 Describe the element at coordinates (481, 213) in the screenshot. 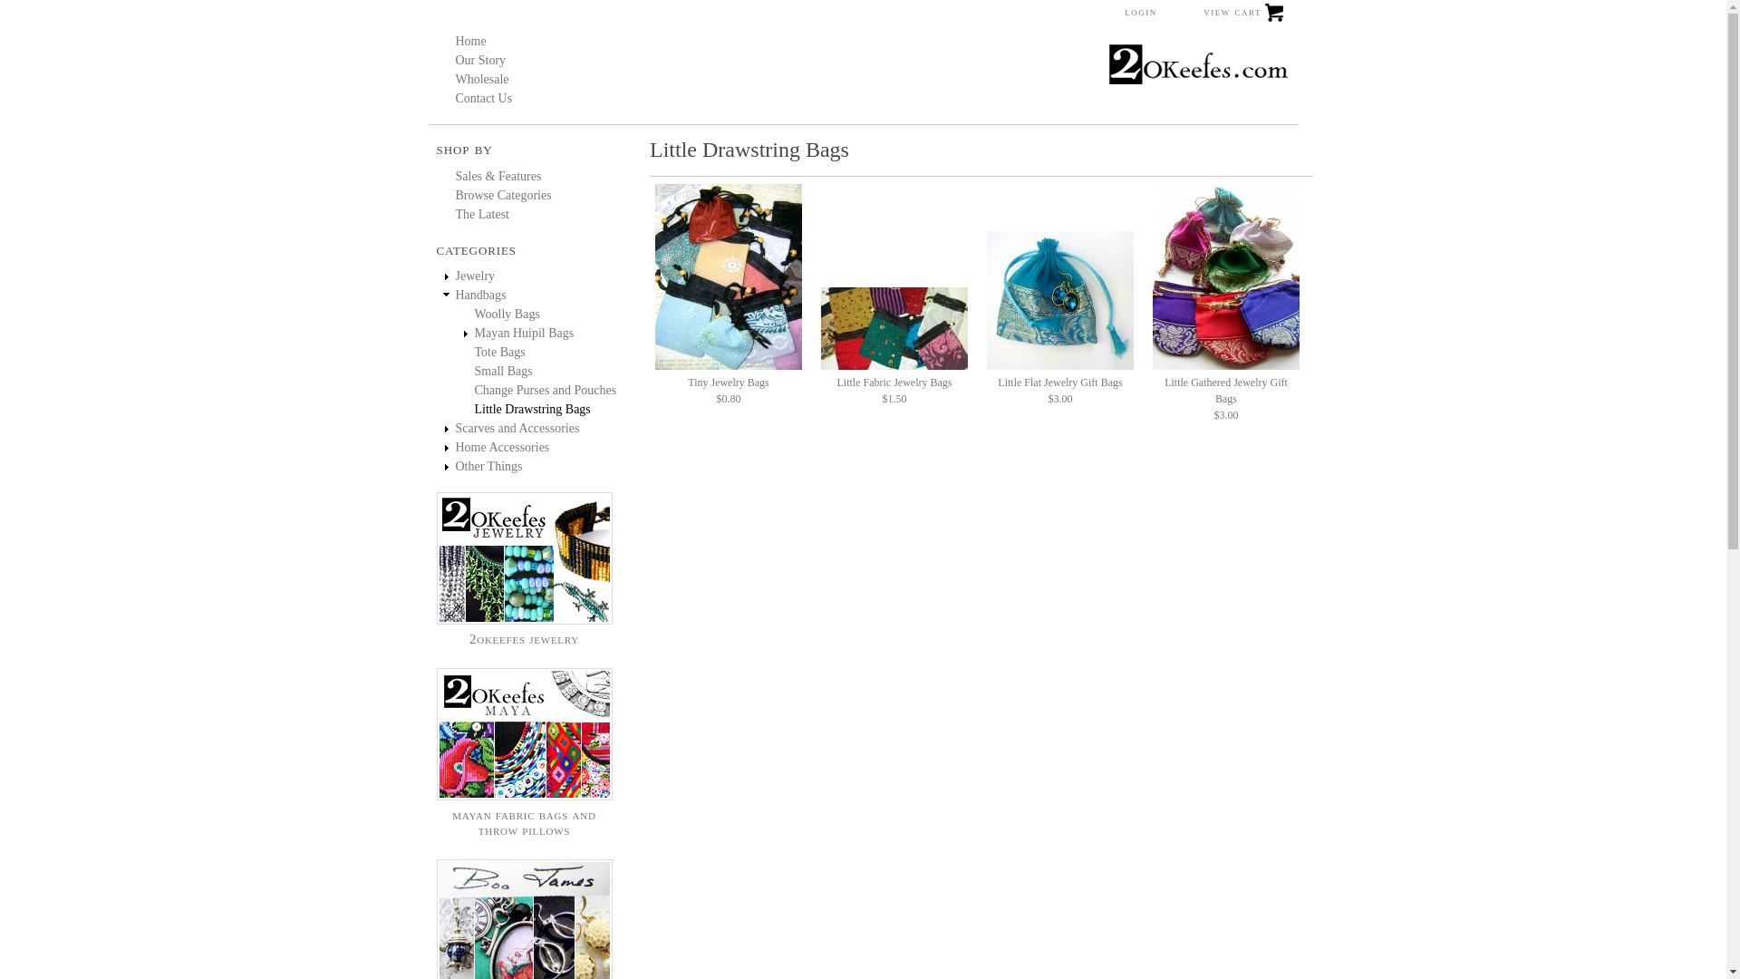

I see `'The Latest'` at that location.